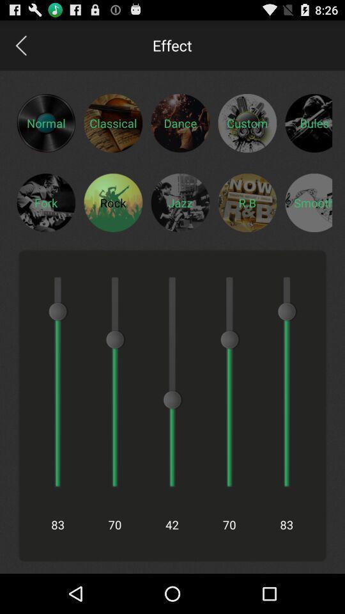  Describe the element at coordinates (308, 123) in the screenshot. I see `open bules` at that location.